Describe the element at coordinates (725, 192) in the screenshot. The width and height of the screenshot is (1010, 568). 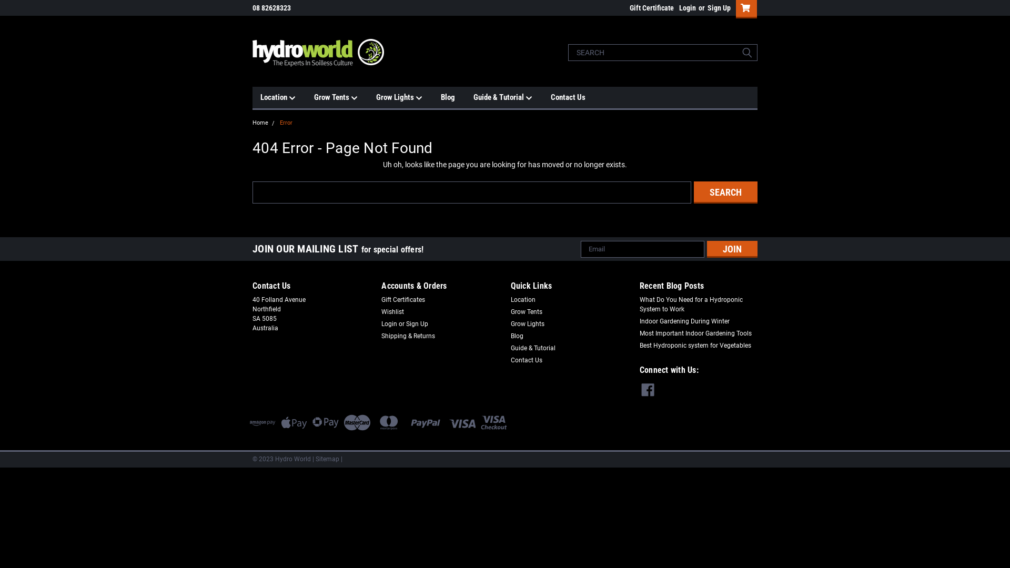
I see `'Search'` at that location.